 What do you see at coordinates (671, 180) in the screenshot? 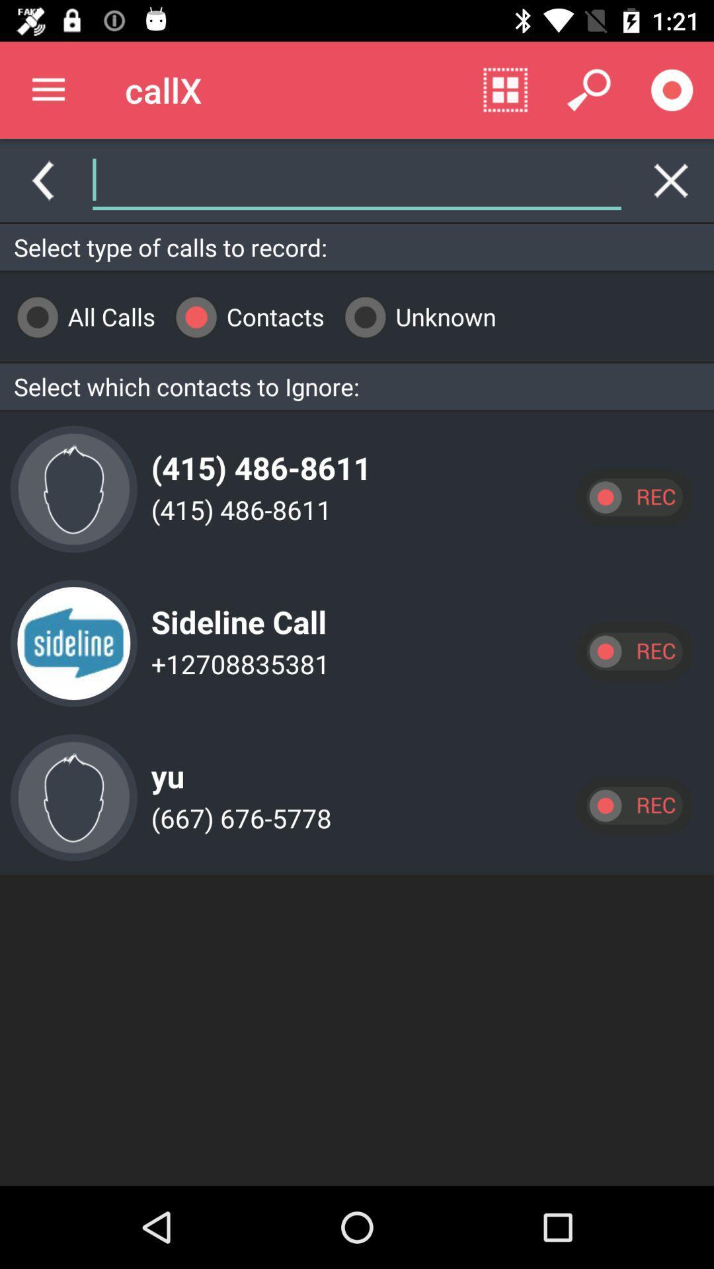
I see `cancel the search` at bounding box center [671, 180].